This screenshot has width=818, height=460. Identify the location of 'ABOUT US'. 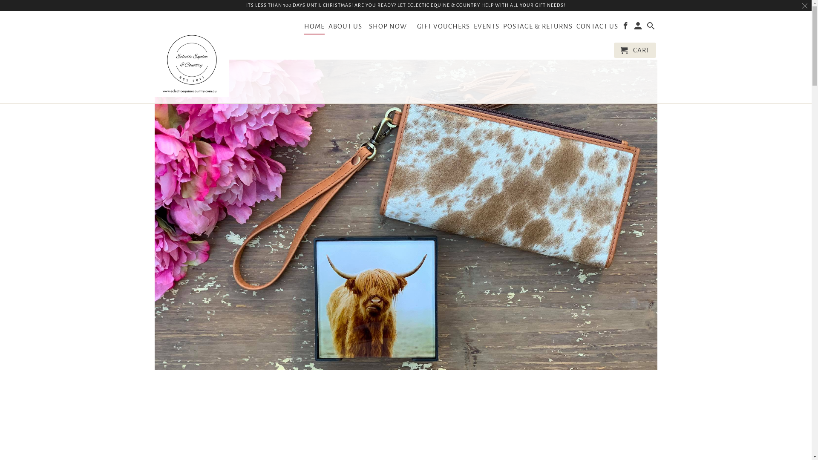
(345, 27).